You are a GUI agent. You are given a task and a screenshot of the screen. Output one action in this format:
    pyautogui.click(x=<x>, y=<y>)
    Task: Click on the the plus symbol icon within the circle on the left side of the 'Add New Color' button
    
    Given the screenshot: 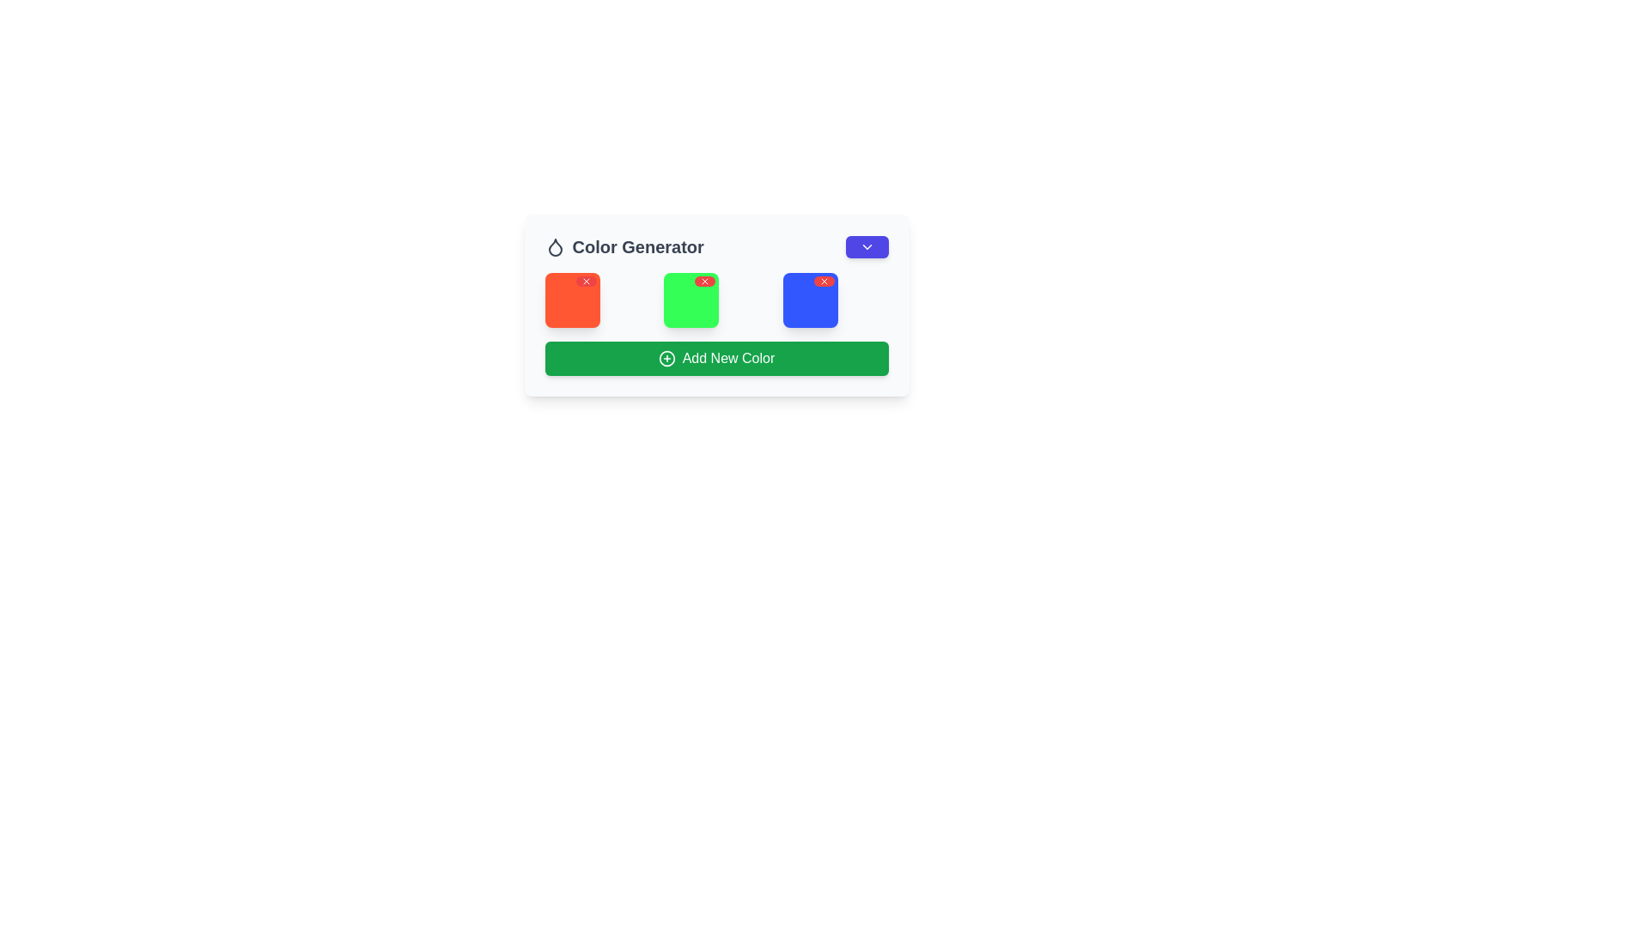 What is the action you would take?
    pyautogui.click(x=666, y=357)
    